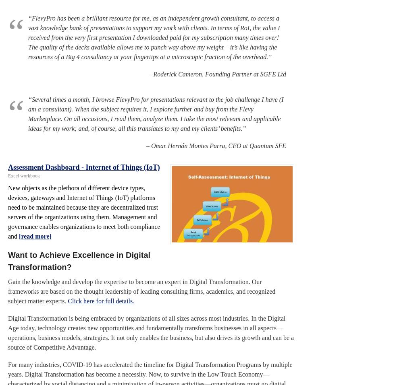 The width and height of the screenshot is (395, 385). I want to click on 'Excel workbook', so click(23, 175).